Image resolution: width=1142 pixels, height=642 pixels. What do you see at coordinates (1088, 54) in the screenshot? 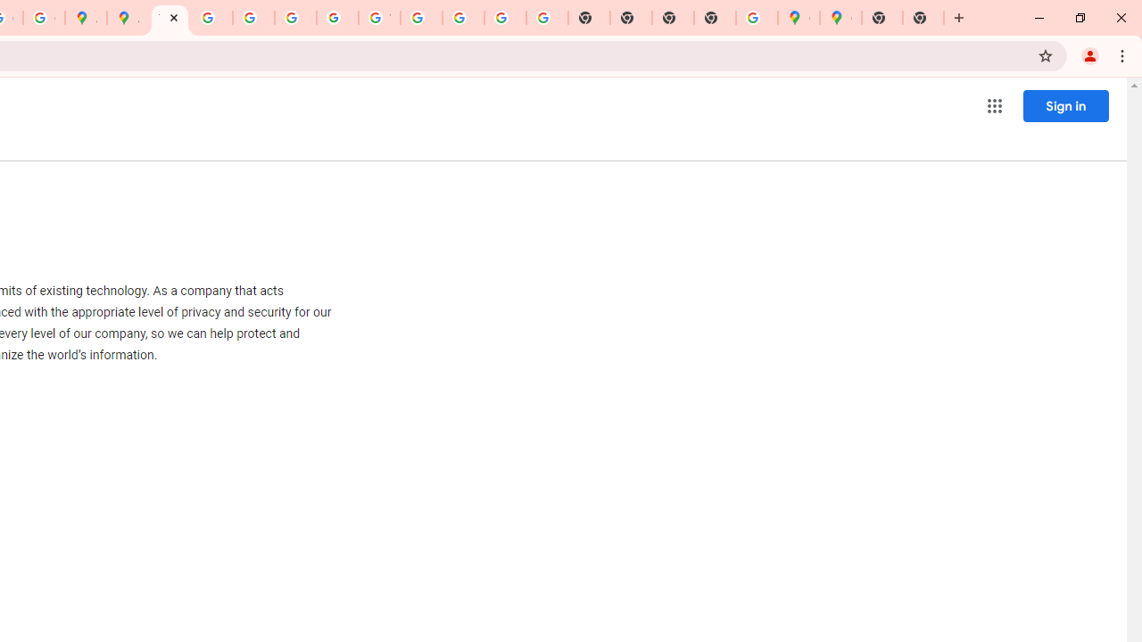
I see `'You'` at bounding box center [1088, 54].